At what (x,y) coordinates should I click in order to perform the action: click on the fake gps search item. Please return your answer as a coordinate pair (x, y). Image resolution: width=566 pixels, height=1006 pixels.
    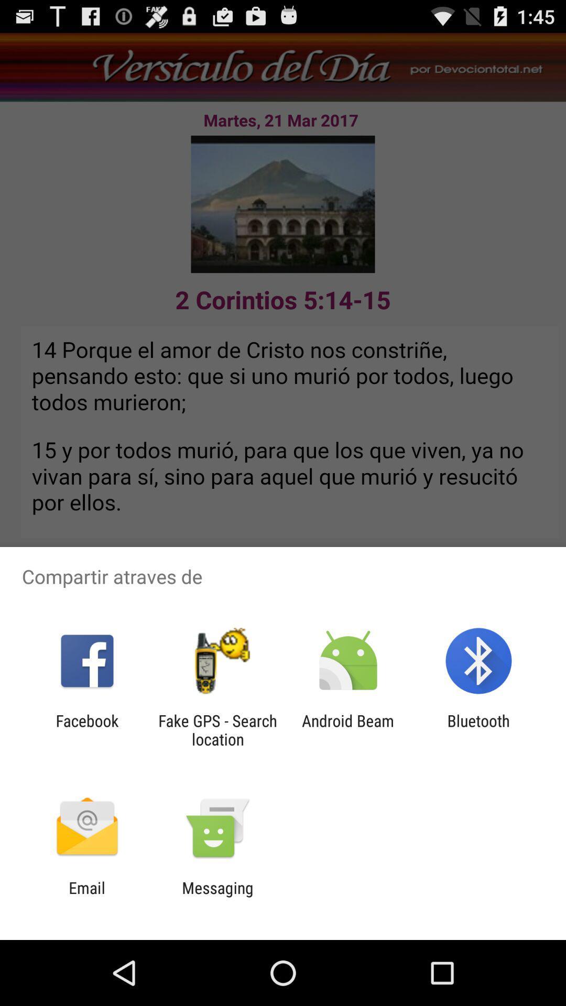
    Looking at the image, I should click on (217, 729).